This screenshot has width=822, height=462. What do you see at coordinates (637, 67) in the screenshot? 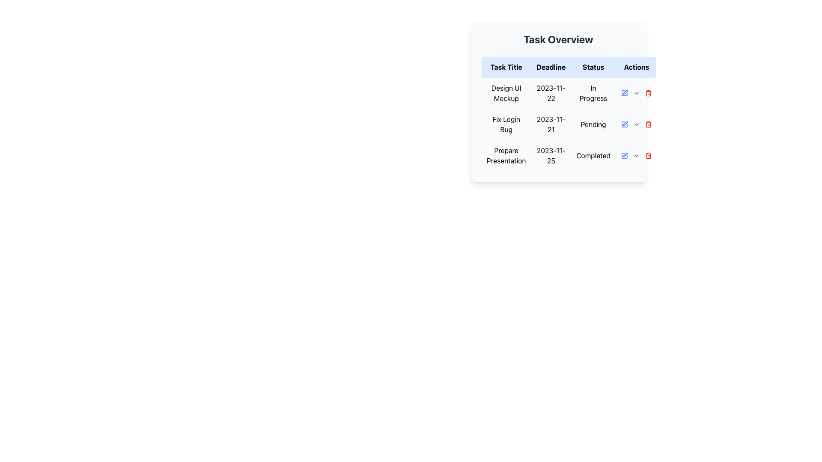
I see `the 'Actions' text label, which is the fourth column header in a table row, displaying bold and centered text on a light blue background` at bounding box center [637, 67].